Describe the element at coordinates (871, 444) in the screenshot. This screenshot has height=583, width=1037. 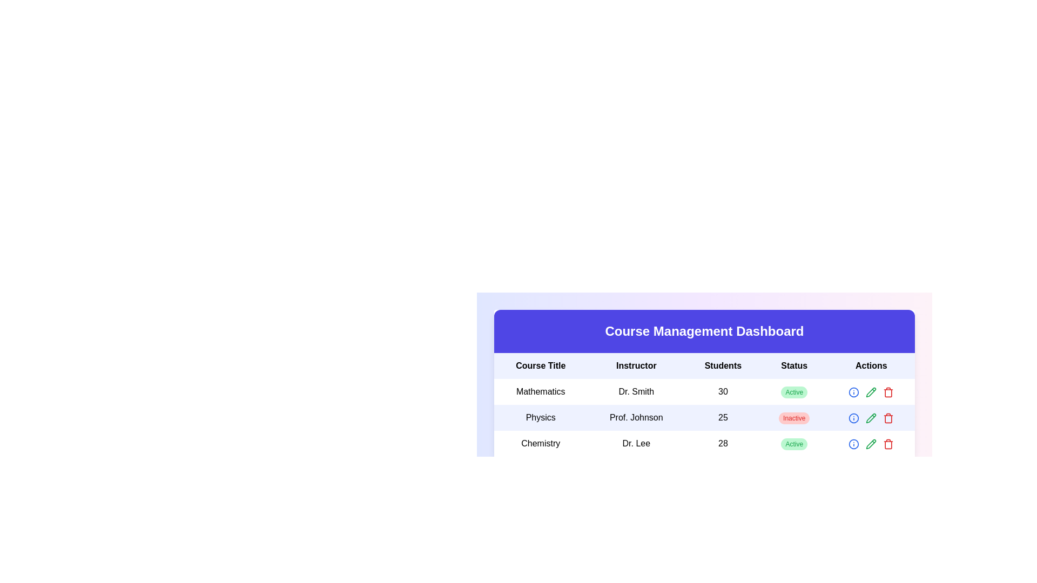
I see `the 'Edit' pencil icon button in the 'Actions' column of the 'Chemistry' row in the table to initiate editing the row` at that location.